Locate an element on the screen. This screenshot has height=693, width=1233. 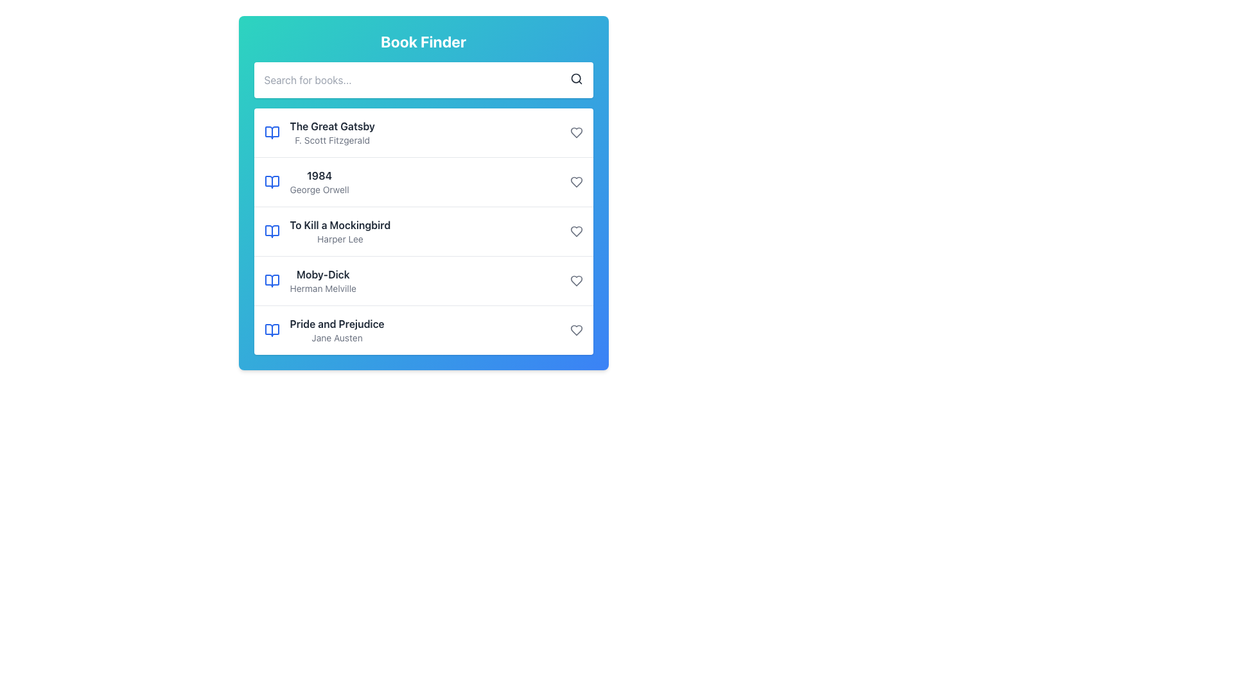
the book title 'Moby-Dick' in the book list to view its details is located at coordinates (423, 280).